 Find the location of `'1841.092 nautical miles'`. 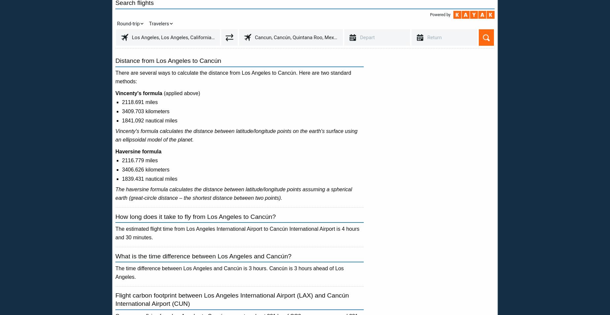

'1841.092 nautical miles' is located at coordinates (149, 120).